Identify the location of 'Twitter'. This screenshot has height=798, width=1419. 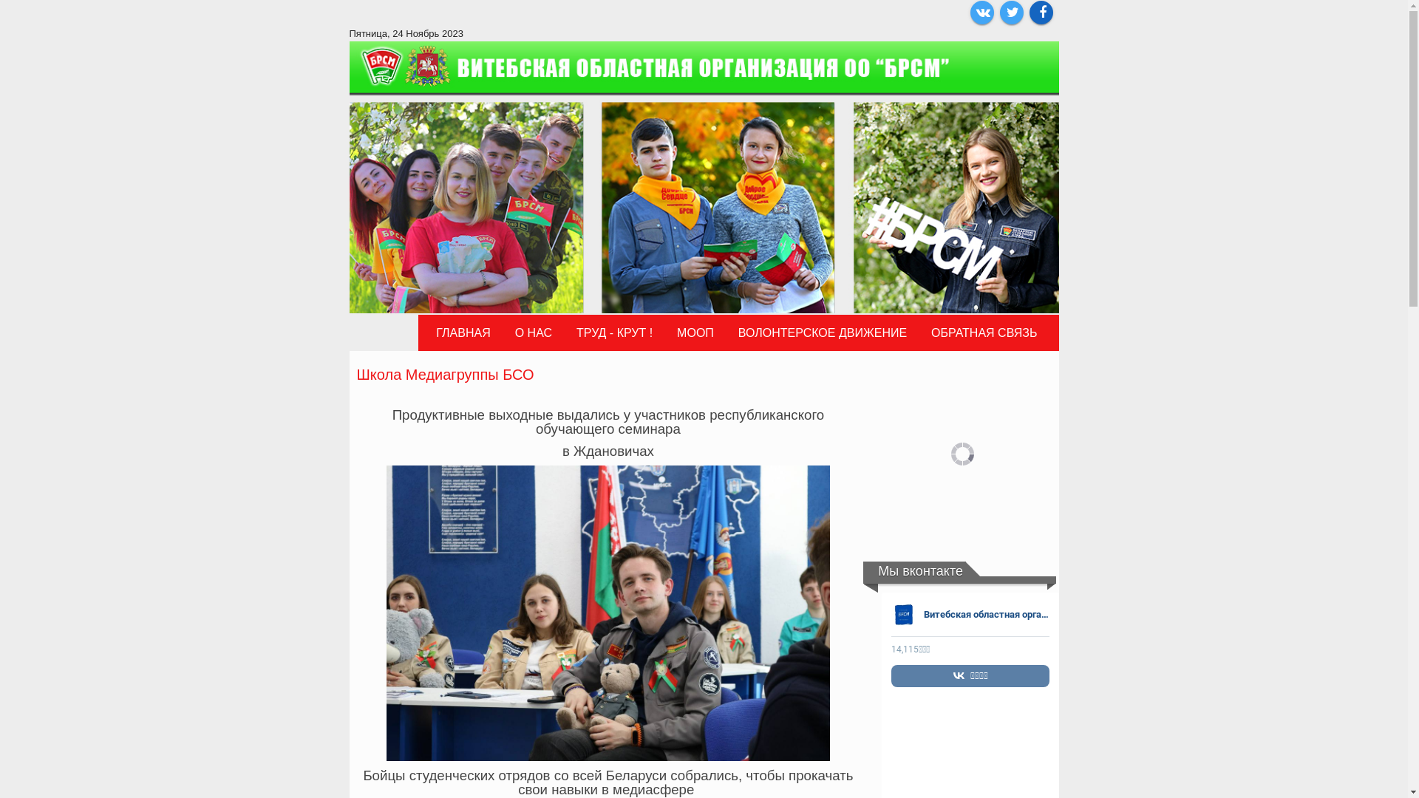
(999, 12).